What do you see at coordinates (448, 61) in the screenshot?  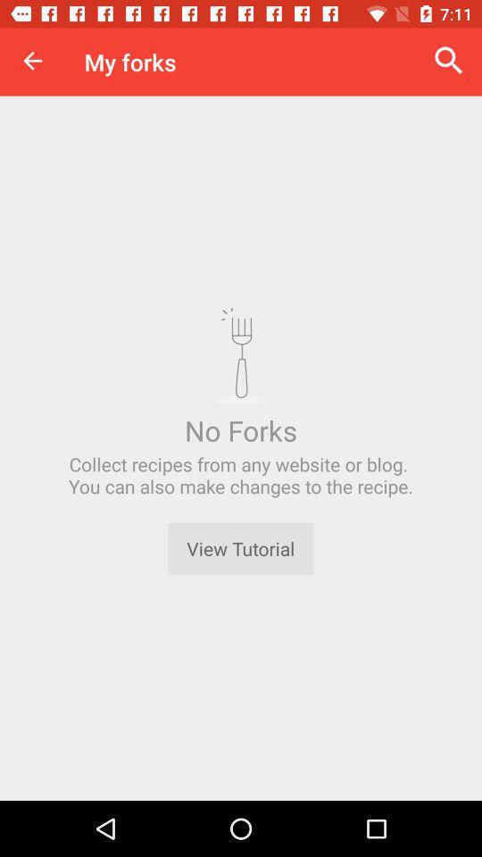 I see `the item to the right of my forks item` at bounding box center [448, 61].